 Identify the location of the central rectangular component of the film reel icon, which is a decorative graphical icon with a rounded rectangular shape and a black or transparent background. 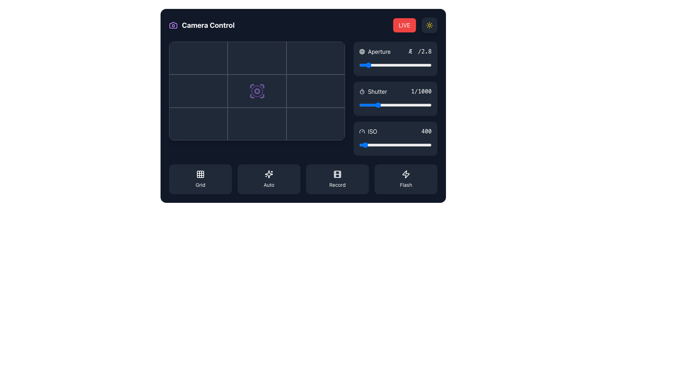
(337, 174).